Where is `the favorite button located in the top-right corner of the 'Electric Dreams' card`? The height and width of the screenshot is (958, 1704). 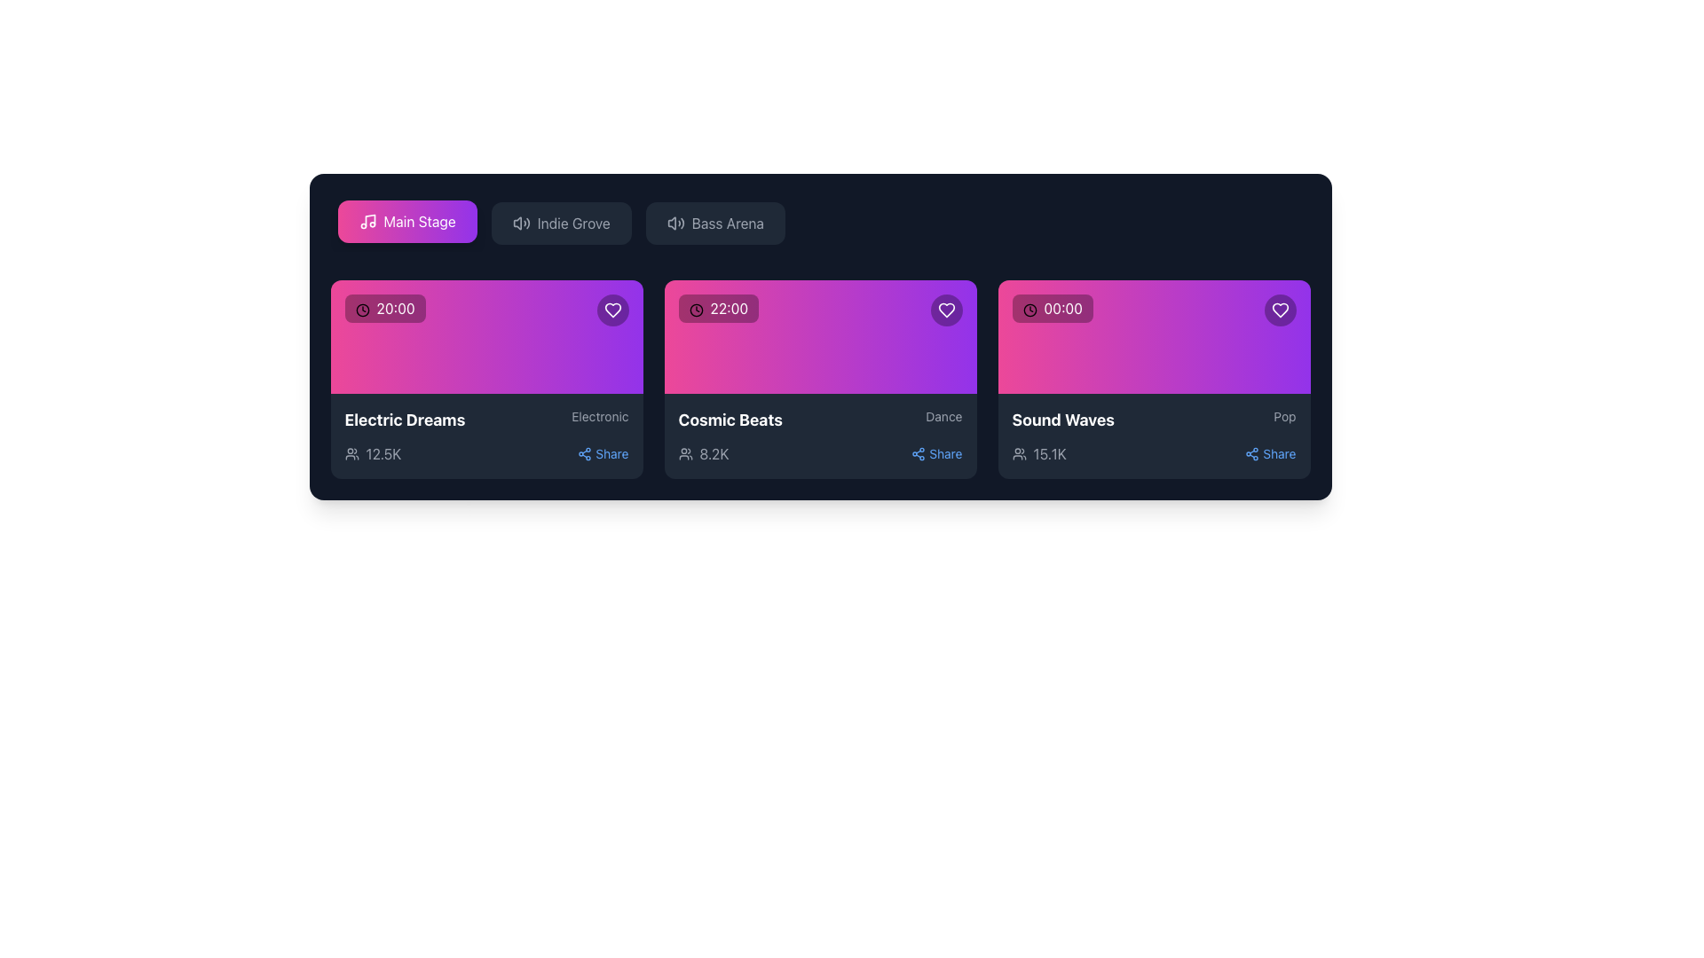
the favorite button located in the top-right corner of the 'Electric Dreams' card is located at coordinates (612, 310).